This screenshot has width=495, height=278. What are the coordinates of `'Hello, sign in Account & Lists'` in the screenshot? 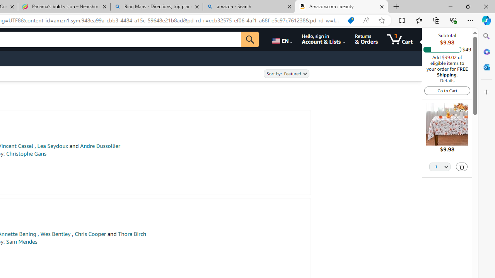 It's located at (324, 39).